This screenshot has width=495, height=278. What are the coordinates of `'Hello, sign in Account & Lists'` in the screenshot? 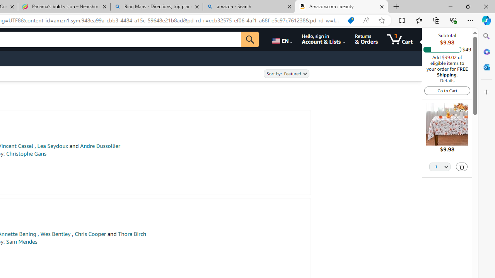 It's located at (324, 39).